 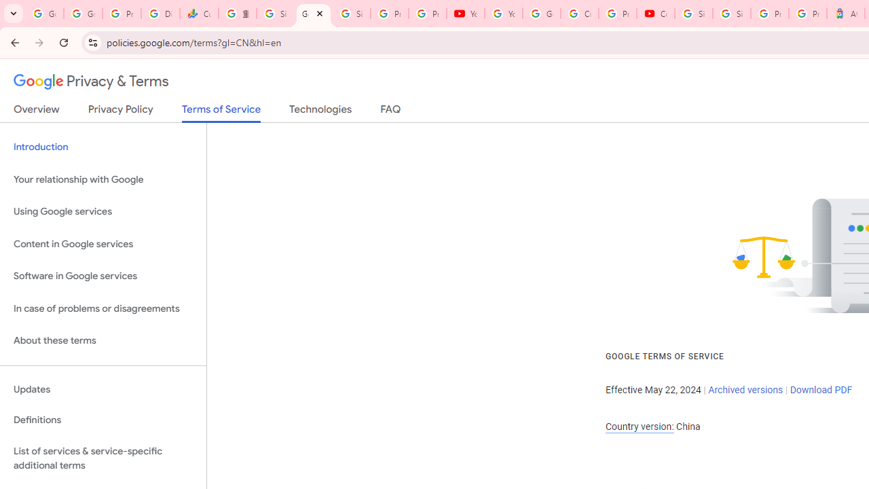 I want to click on 'Archived versions', so click(x=745, y=390).